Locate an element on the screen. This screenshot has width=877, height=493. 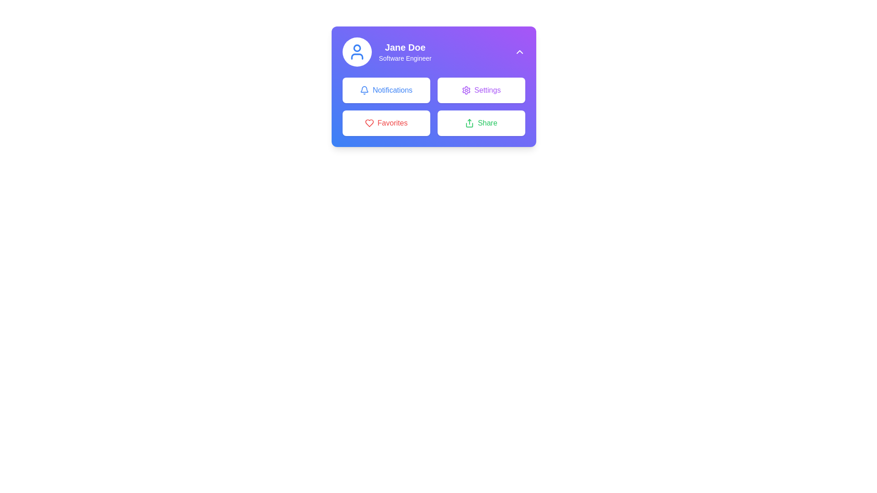
the circular profile picture icon located at the top-left corner of the card, which represents the user's identity within the avatar illustration is located at coordinates (356, 48).